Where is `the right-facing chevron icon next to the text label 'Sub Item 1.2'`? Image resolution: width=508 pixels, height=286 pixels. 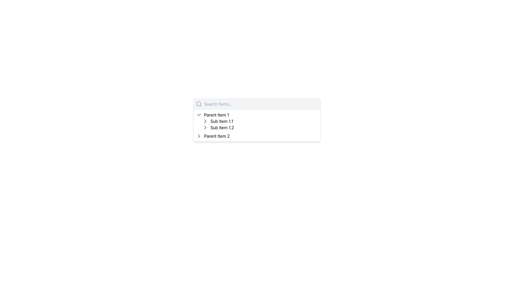 the right-facing chevron icon next to the text label 'Sub Item 1.2' is located at coordinates (205, 128).